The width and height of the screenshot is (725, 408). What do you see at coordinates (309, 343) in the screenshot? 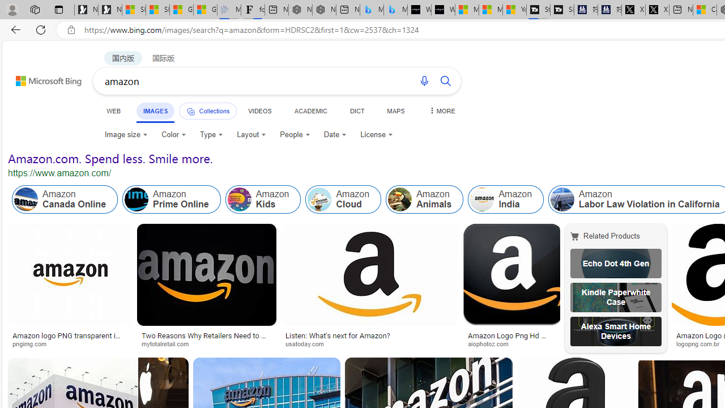
I see `'usatoday.com'` at bounding box center [309, 343].